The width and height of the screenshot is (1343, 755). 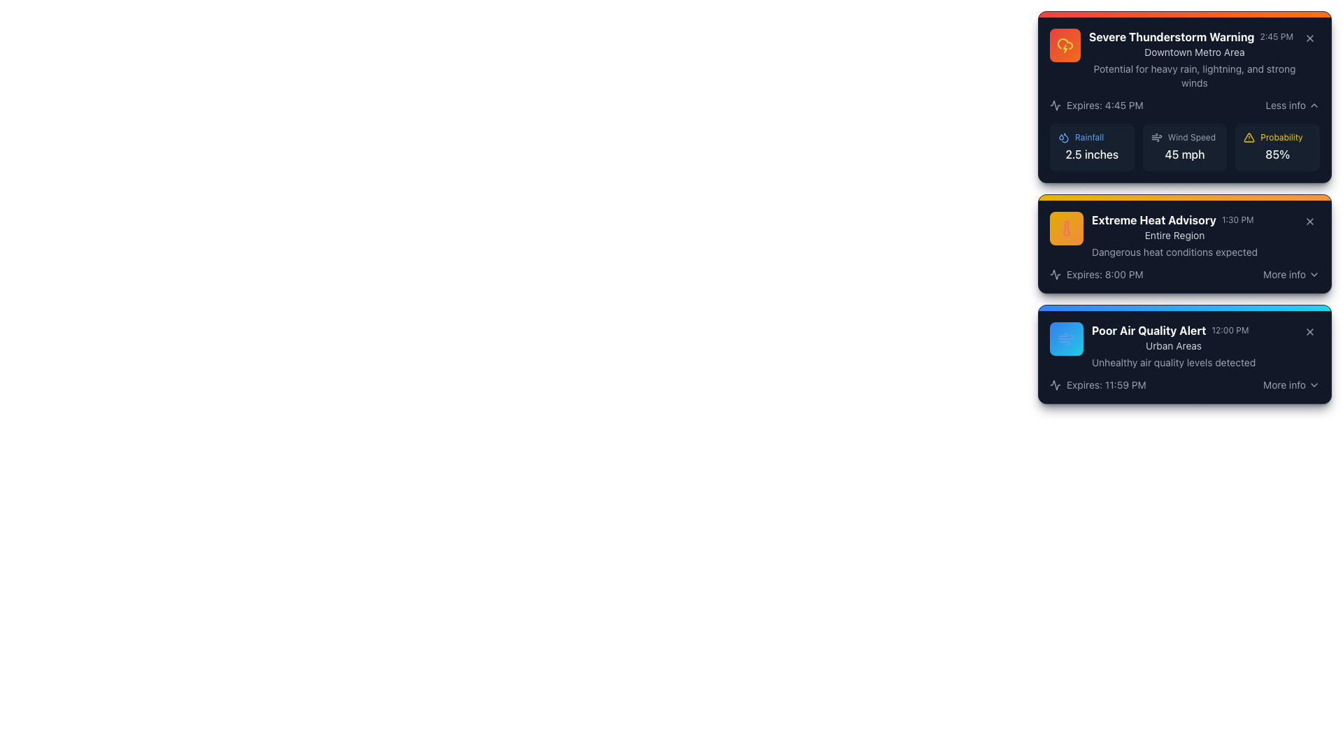 I want to click on text from the header of the alert card, which displays 'Poor Air Quality Alert' in bold white and '12:00 PM' in smaller gray text, so click(x=1174, y=331).